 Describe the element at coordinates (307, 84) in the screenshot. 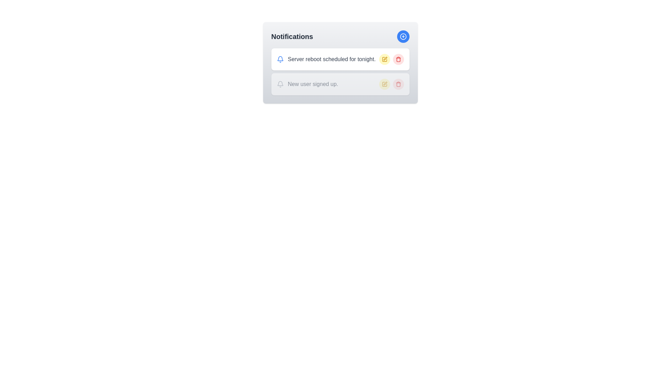

I see `message displayed in the text component that shows 'New user signed up.' located within the notification card as the second notification in the vertical list` at that location.